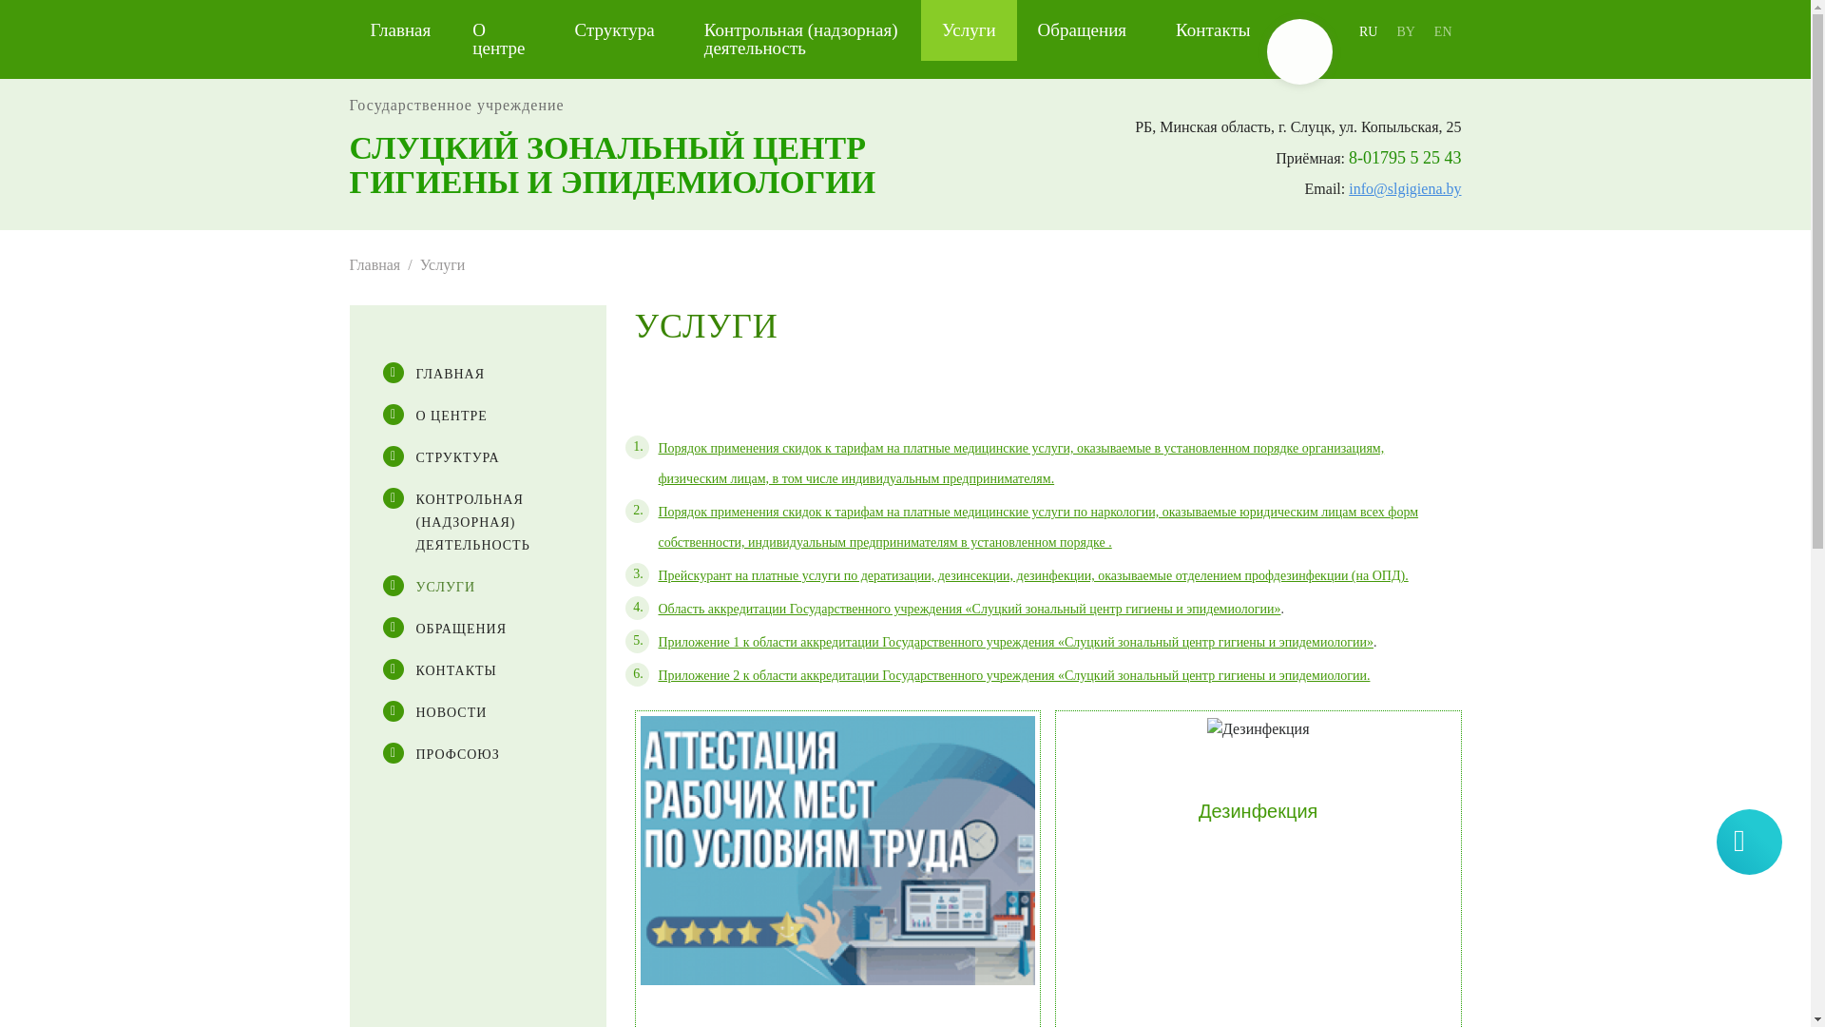 This screenshot has width=1825, height=1027. Describe the element at coordinates (1387, 31) in the screenshot. I see `'BY'` at that location.